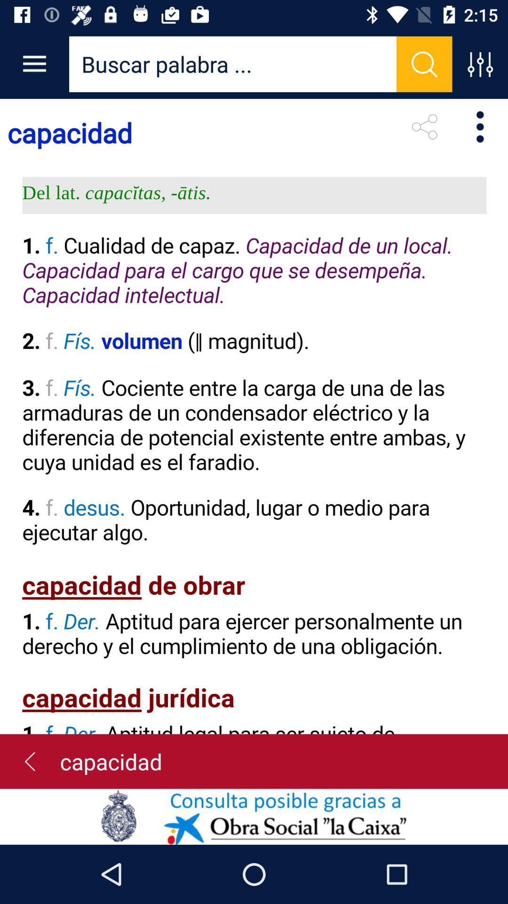  I want to click on open menu options, so click(480, 64).